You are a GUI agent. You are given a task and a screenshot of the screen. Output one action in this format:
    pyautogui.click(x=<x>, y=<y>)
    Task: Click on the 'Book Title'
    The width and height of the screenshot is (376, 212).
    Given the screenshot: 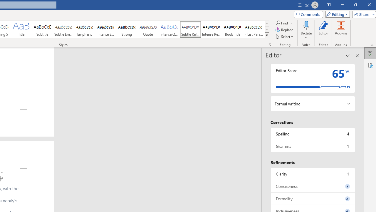 What is the action you would take?
    pyautogui.click(x=232, y=29)
    